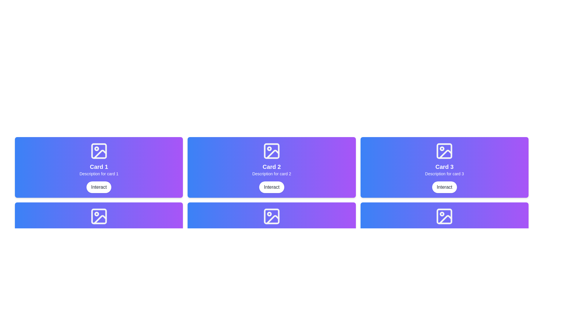 The width and height of the screenshot is (561, 315). Describe the element at coordinates (99, 167) in the screenshot. I see `the text label that serves as the title of the first card, positioned at the top-center of the card, below an icon and above the description text` at that location.